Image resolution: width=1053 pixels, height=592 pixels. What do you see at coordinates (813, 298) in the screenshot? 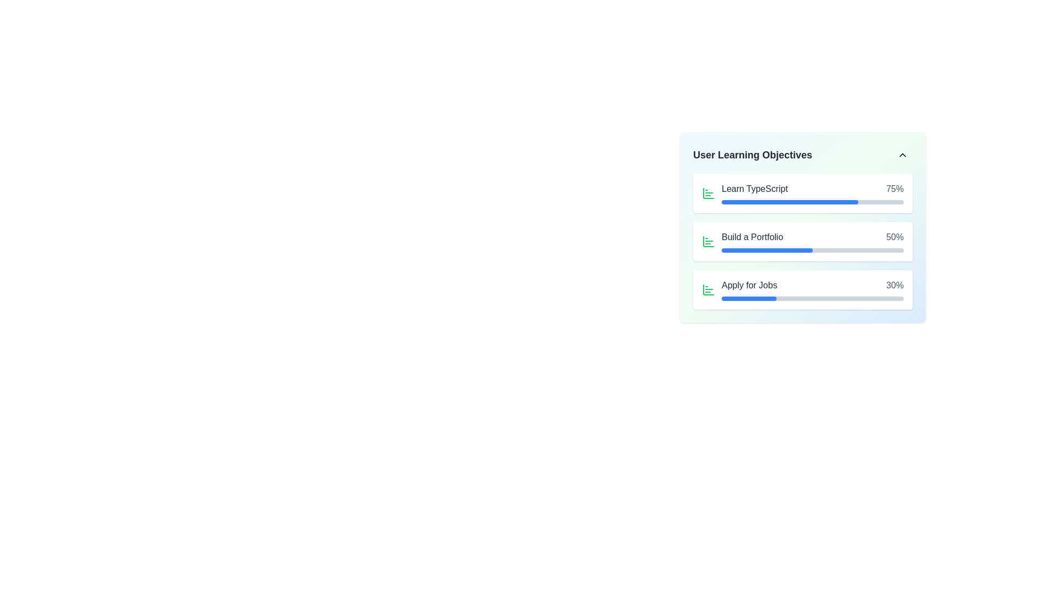
I see `the progress bar indicating 30% completion located beneath the 'Apply for Jobs' text in the 'User Learning Objectives' section` at bounding box center [813, 298].